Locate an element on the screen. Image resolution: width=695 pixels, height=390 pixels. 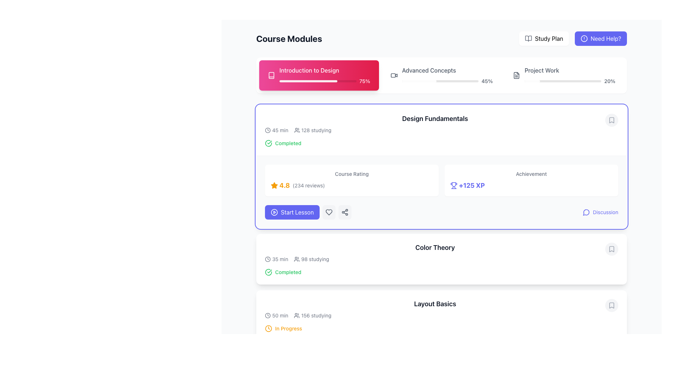
the Rating indicator located in the 'Course Rating' section of the 'Design Fundamentals' card, positioned towards the left of the card, next to the achievement information is located at coordinates (351, 185).